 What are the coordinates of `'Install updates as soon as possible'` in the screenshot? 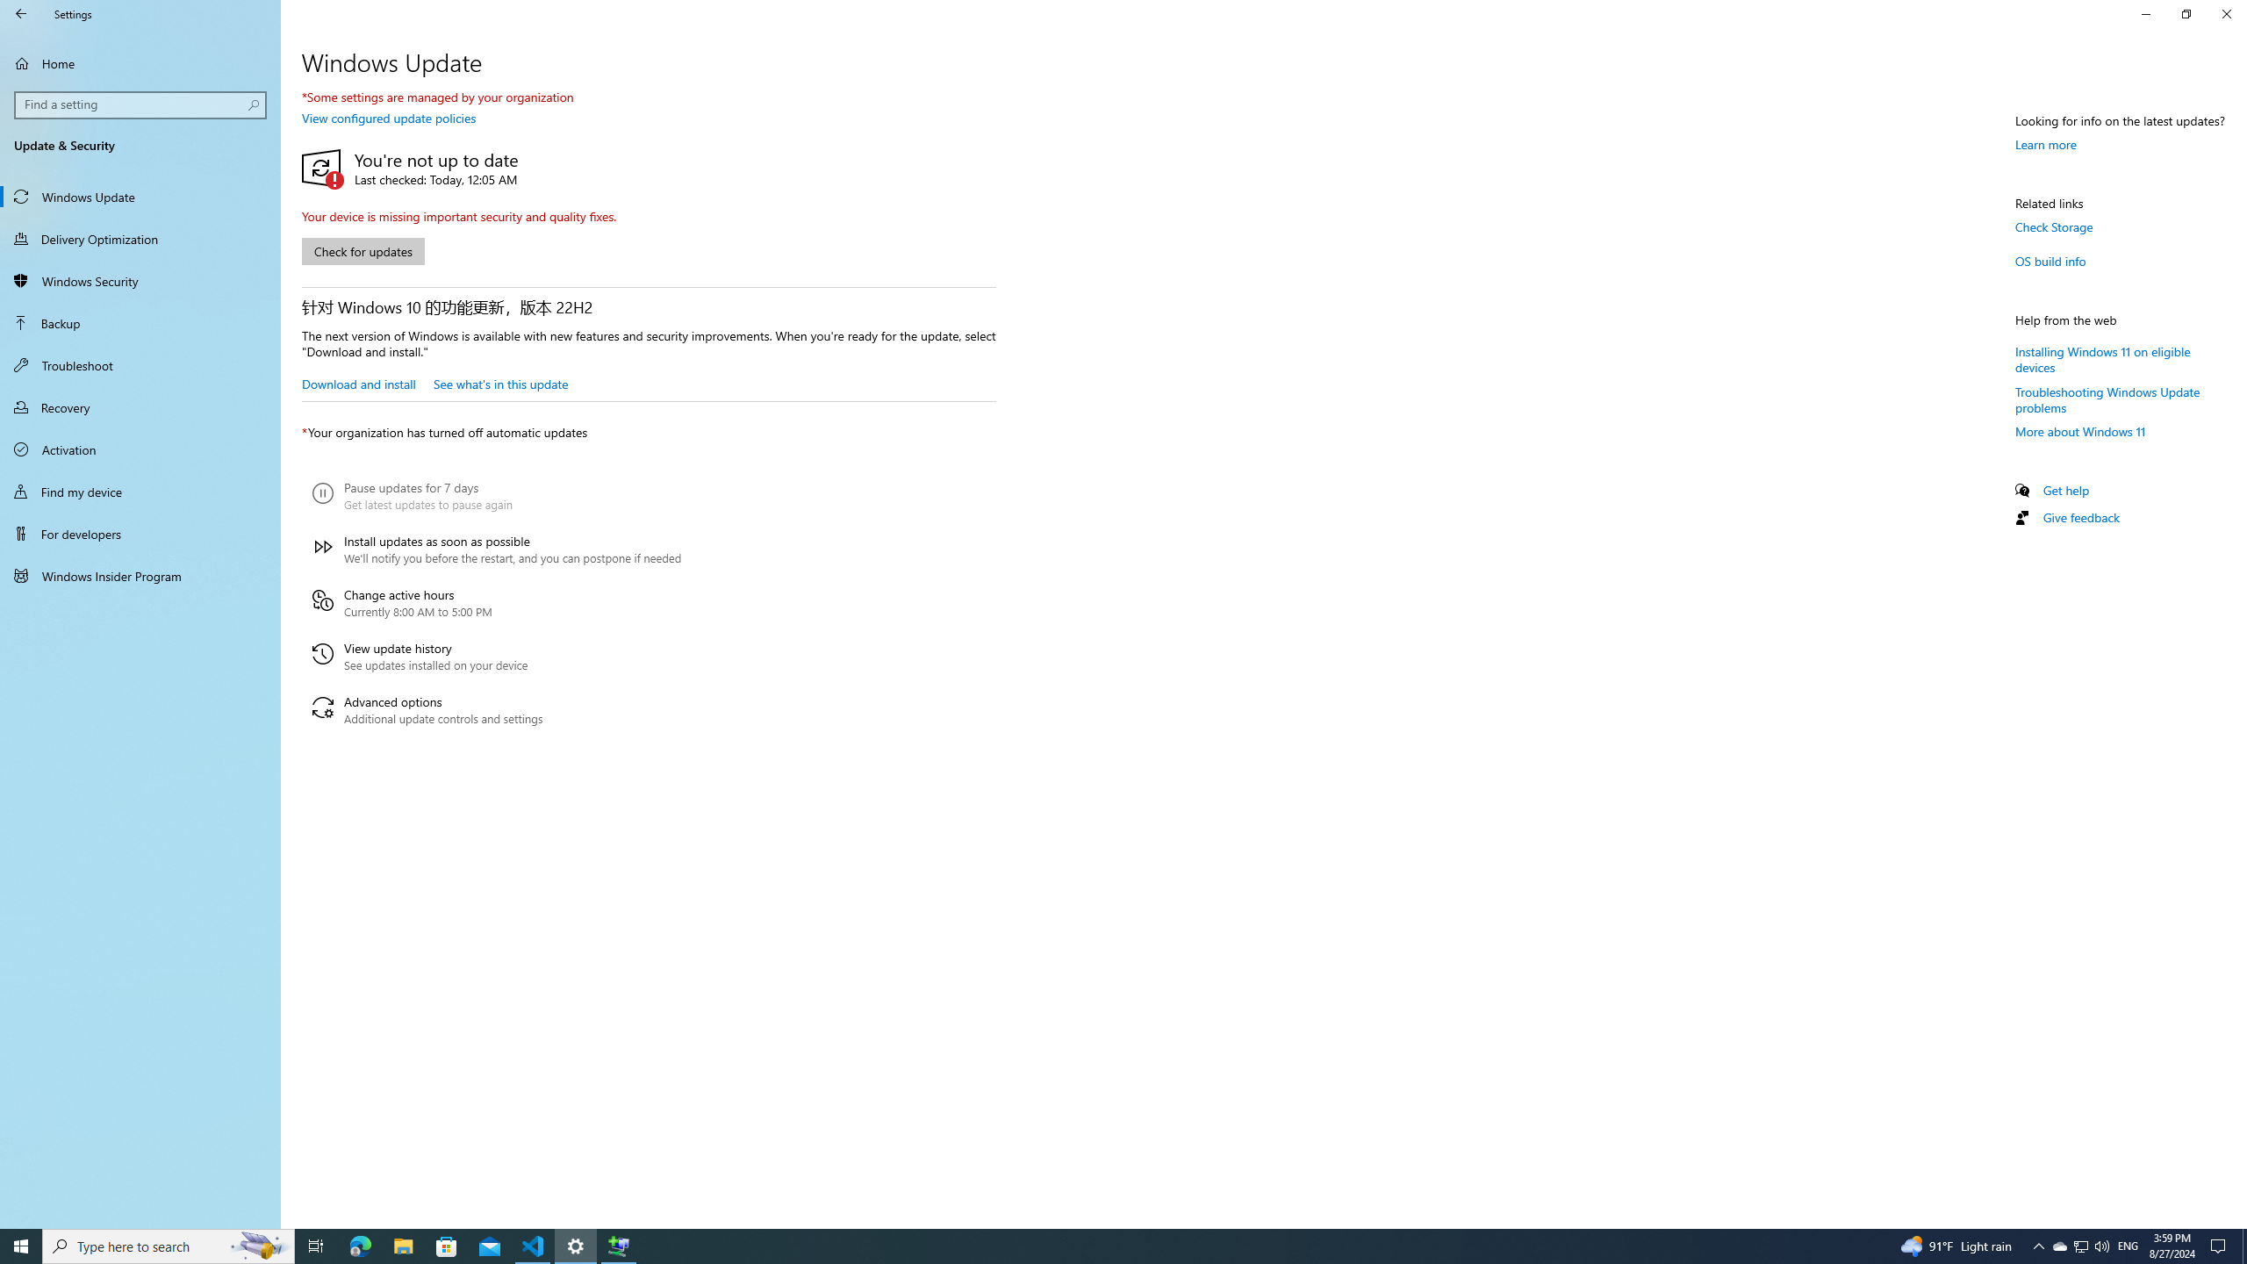 It's located at (495, 549).